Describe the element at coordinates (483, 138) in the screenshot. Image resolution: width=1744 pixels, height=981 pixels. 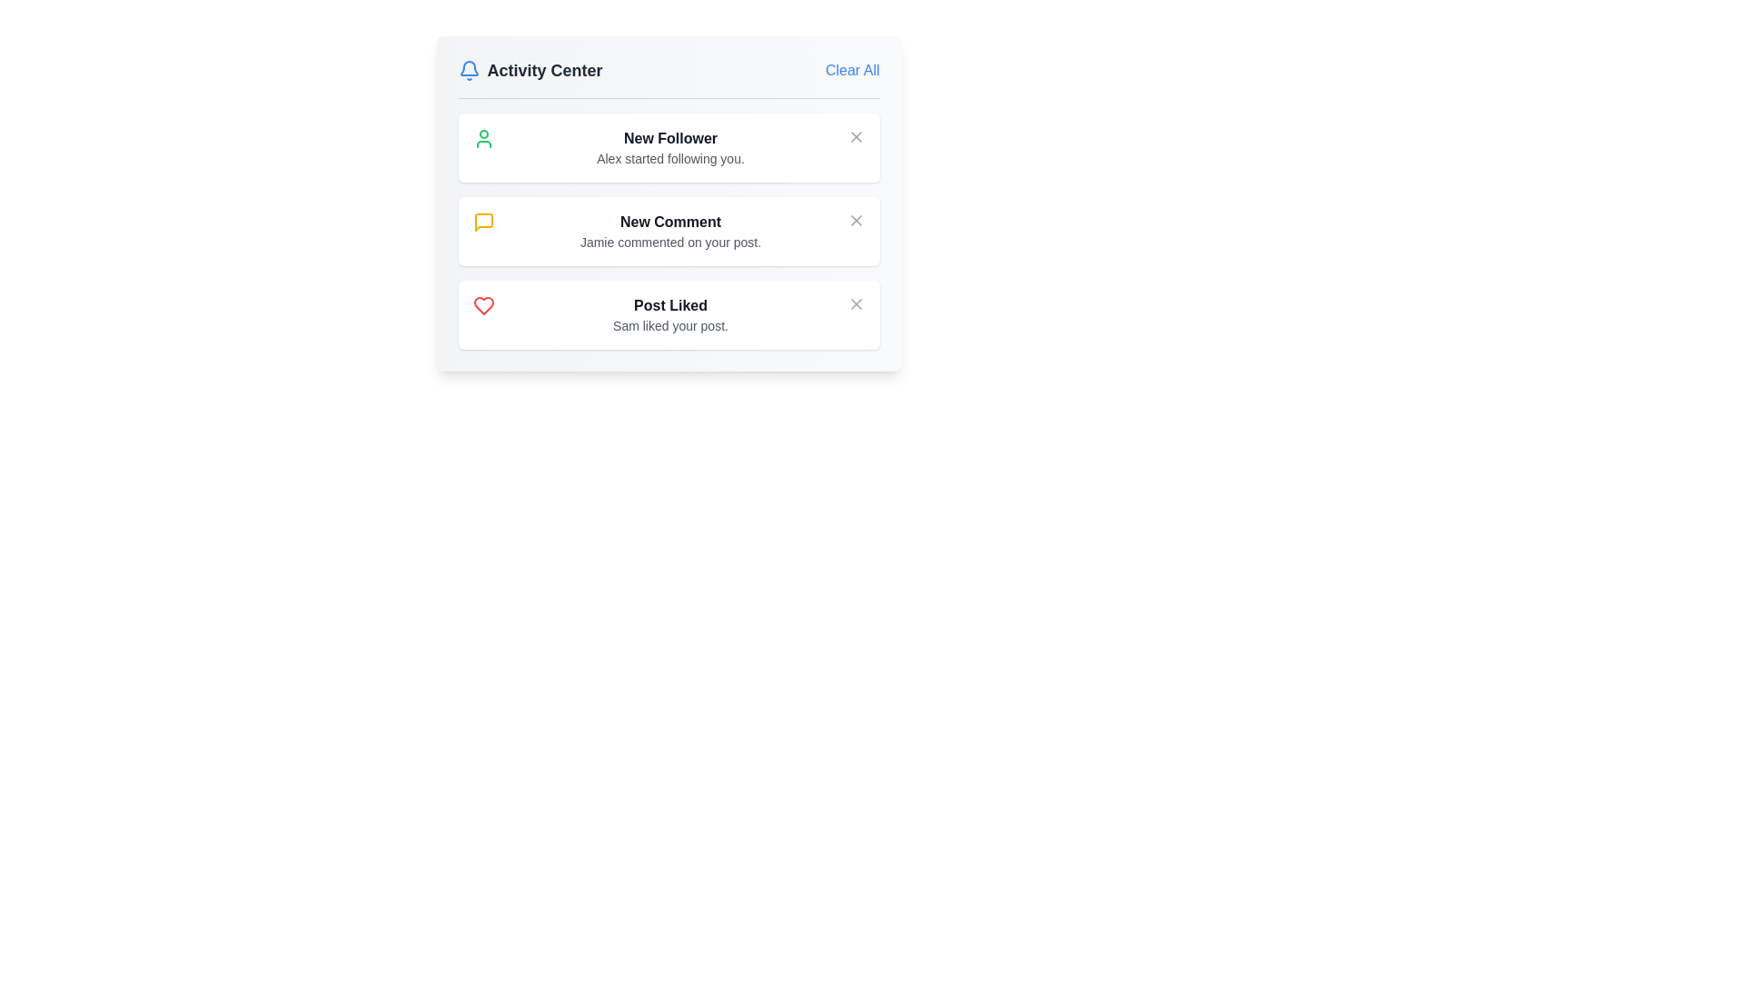
I see `the new follower notification icon, which is the first visual element in the notification card labeled 'New Follower'` at that location.